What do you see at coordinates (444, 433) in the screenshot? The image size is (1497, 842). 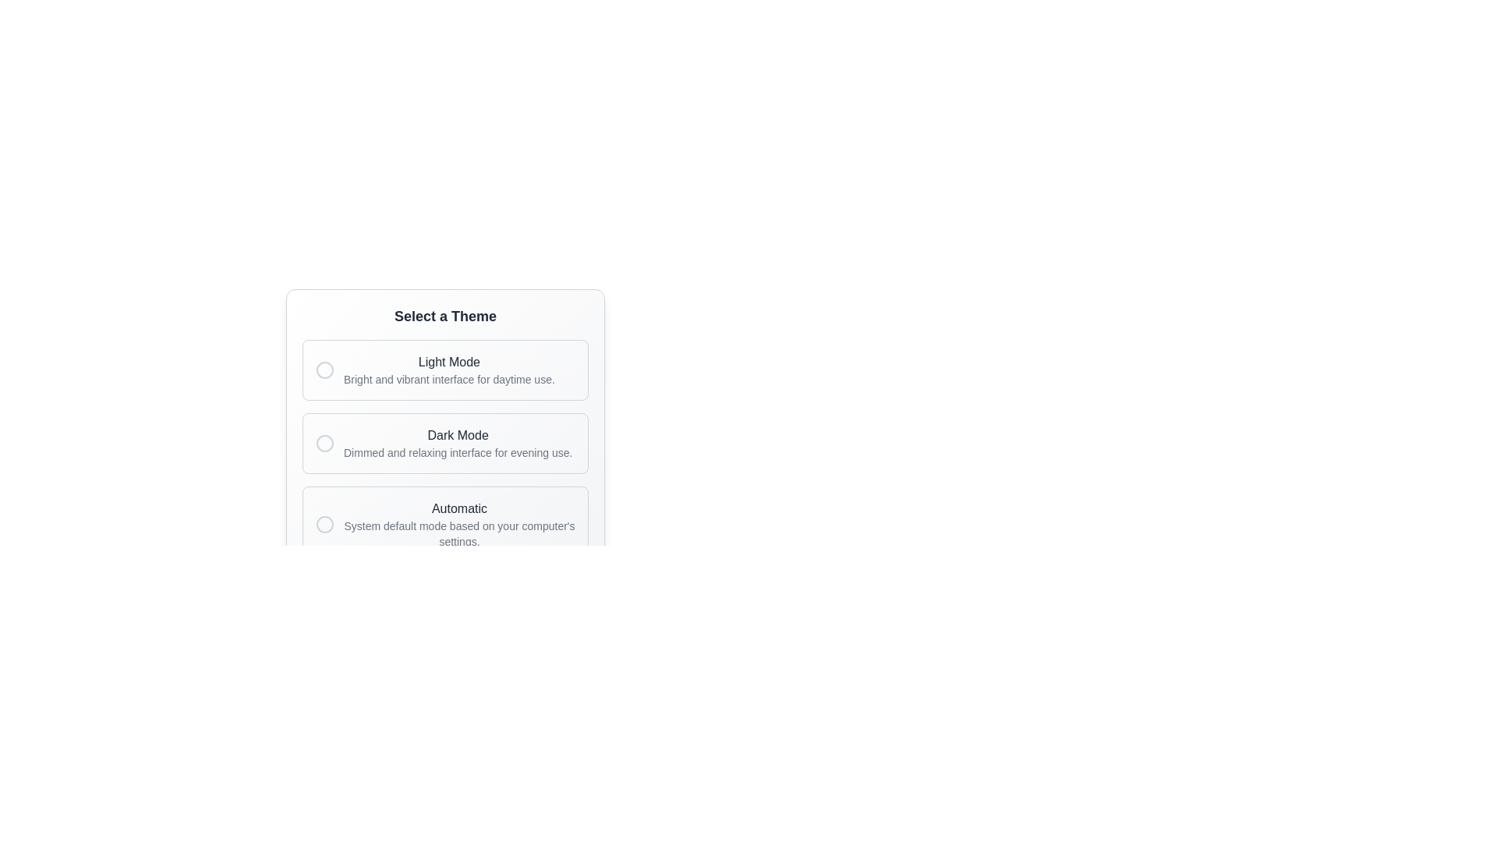 I see `the 'Select a Theme' options in the Selection Panel to trigger visual effects, specifically targeting the central area of the panel` at bounding box center [444, 433].